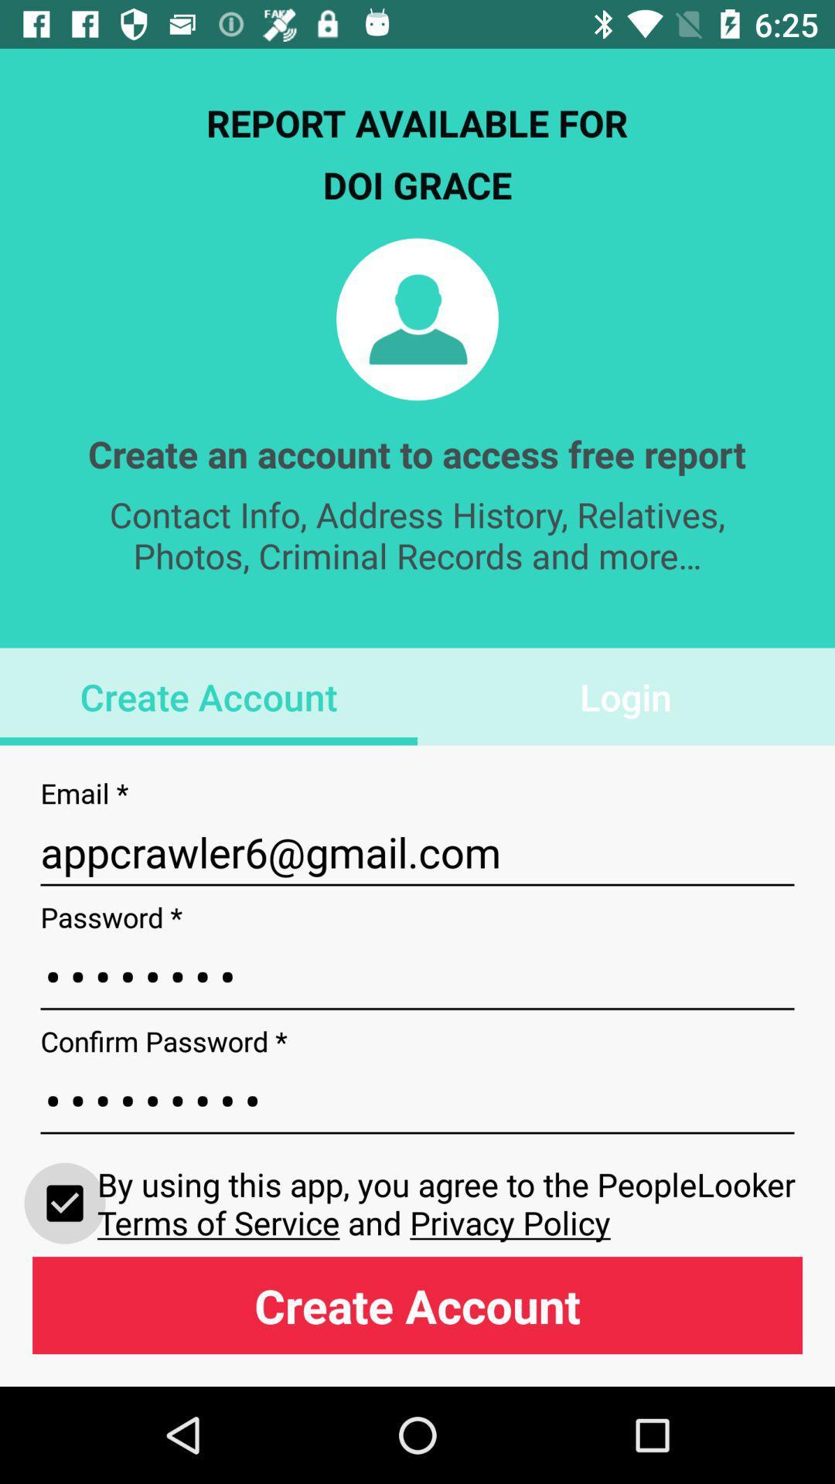  I want to click on appcrawler6@gmail.com, so click(417, 852).